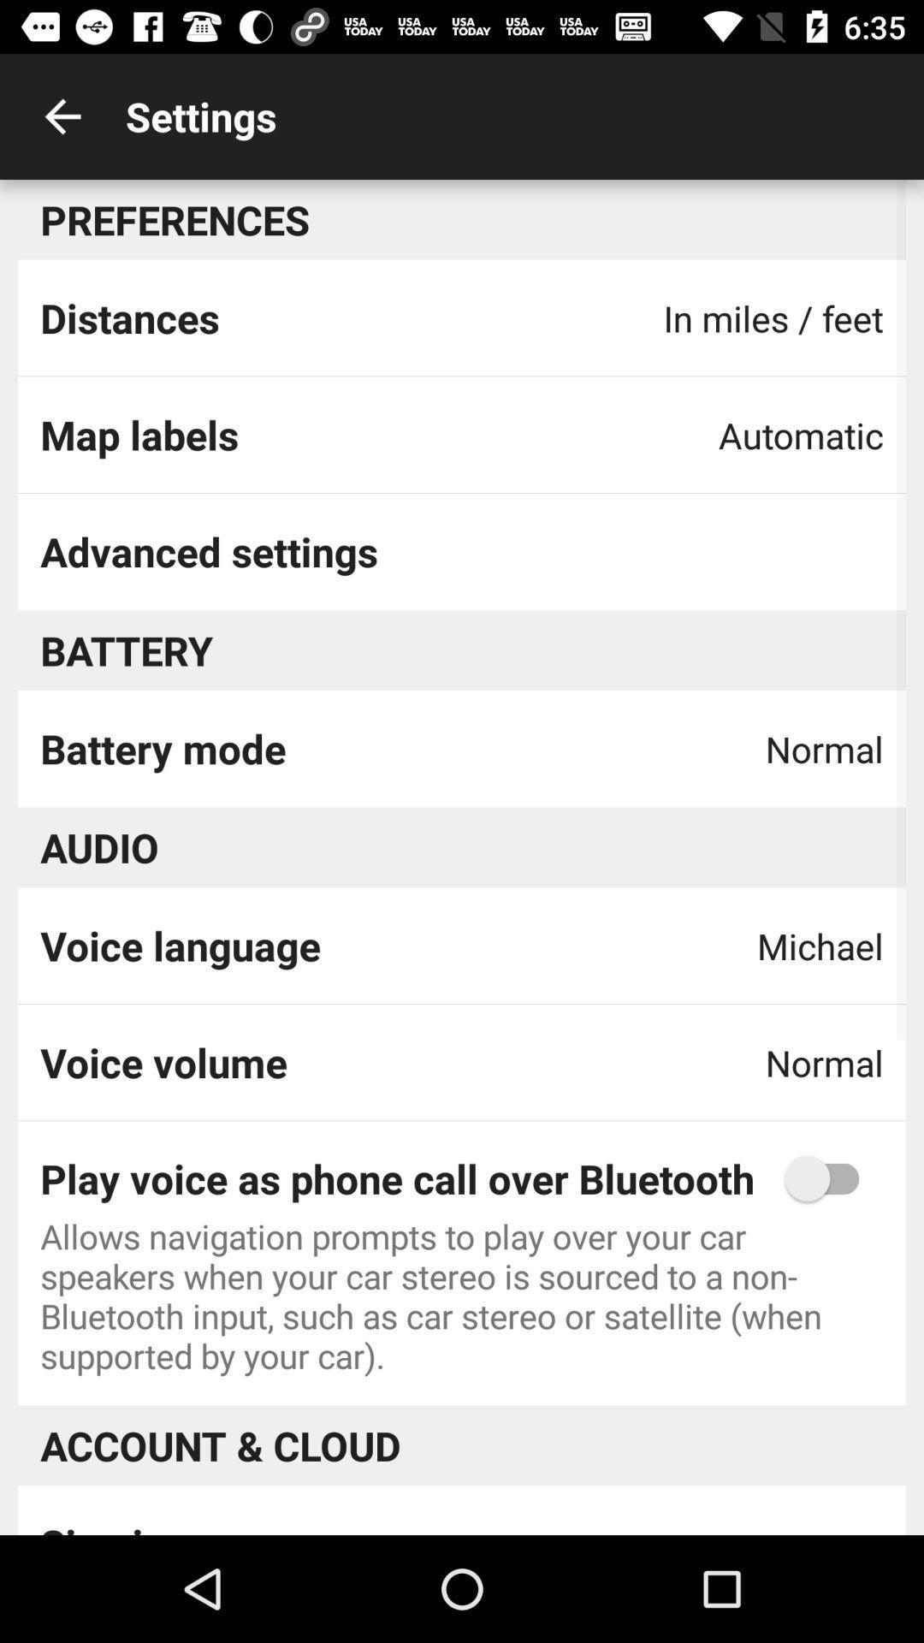  I want to click on the in miles / feet, so click(773, 318).